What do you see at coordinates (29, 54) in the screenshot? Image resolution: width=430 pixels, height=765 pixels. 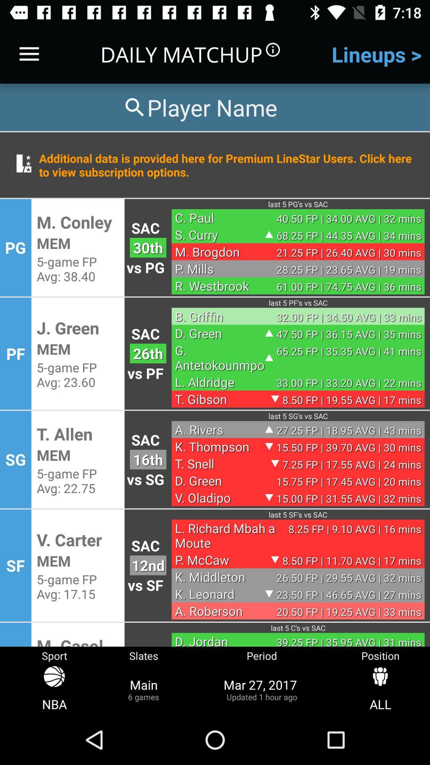 I see `item to the left of daily matchup icon` at bounding box center [29, 54].